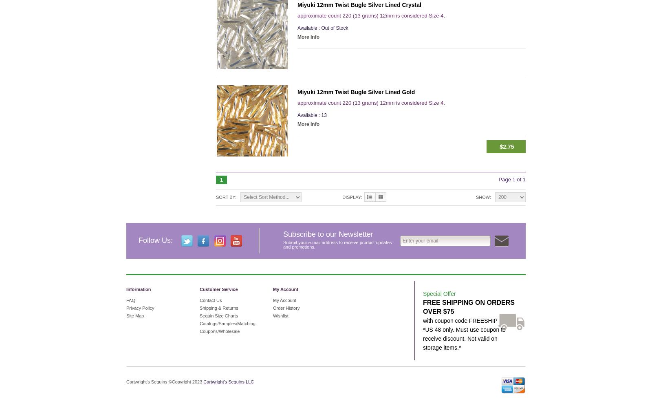 This screenshot has height=401, width=652. Describe the element at coordinates (130, 300) in the screenshot. I see `'FAQ'` at that location.